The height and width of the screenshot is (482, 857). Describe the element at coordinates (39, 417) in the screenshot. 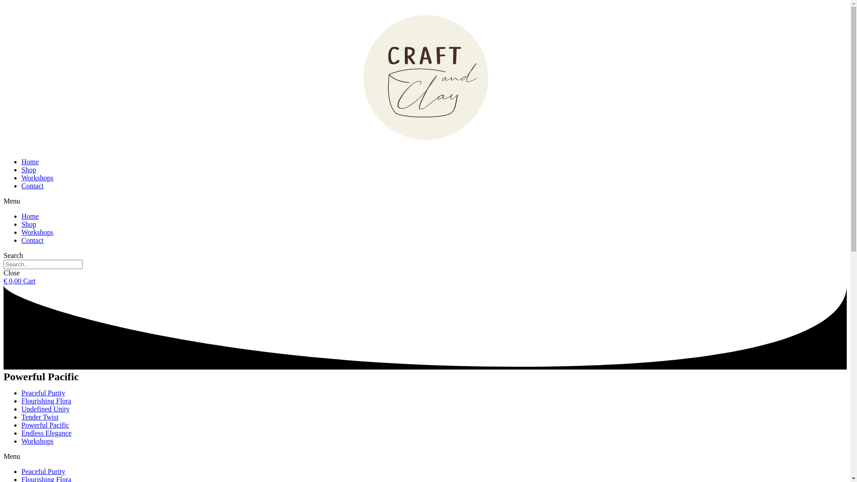

I see `'Tender Twist'` at that location.